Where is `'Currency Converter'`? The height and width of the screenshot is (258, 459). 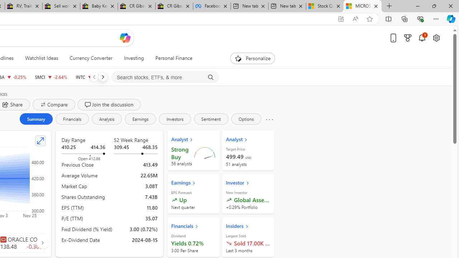 'Currency Converter' is located at coordinates (91, 58).